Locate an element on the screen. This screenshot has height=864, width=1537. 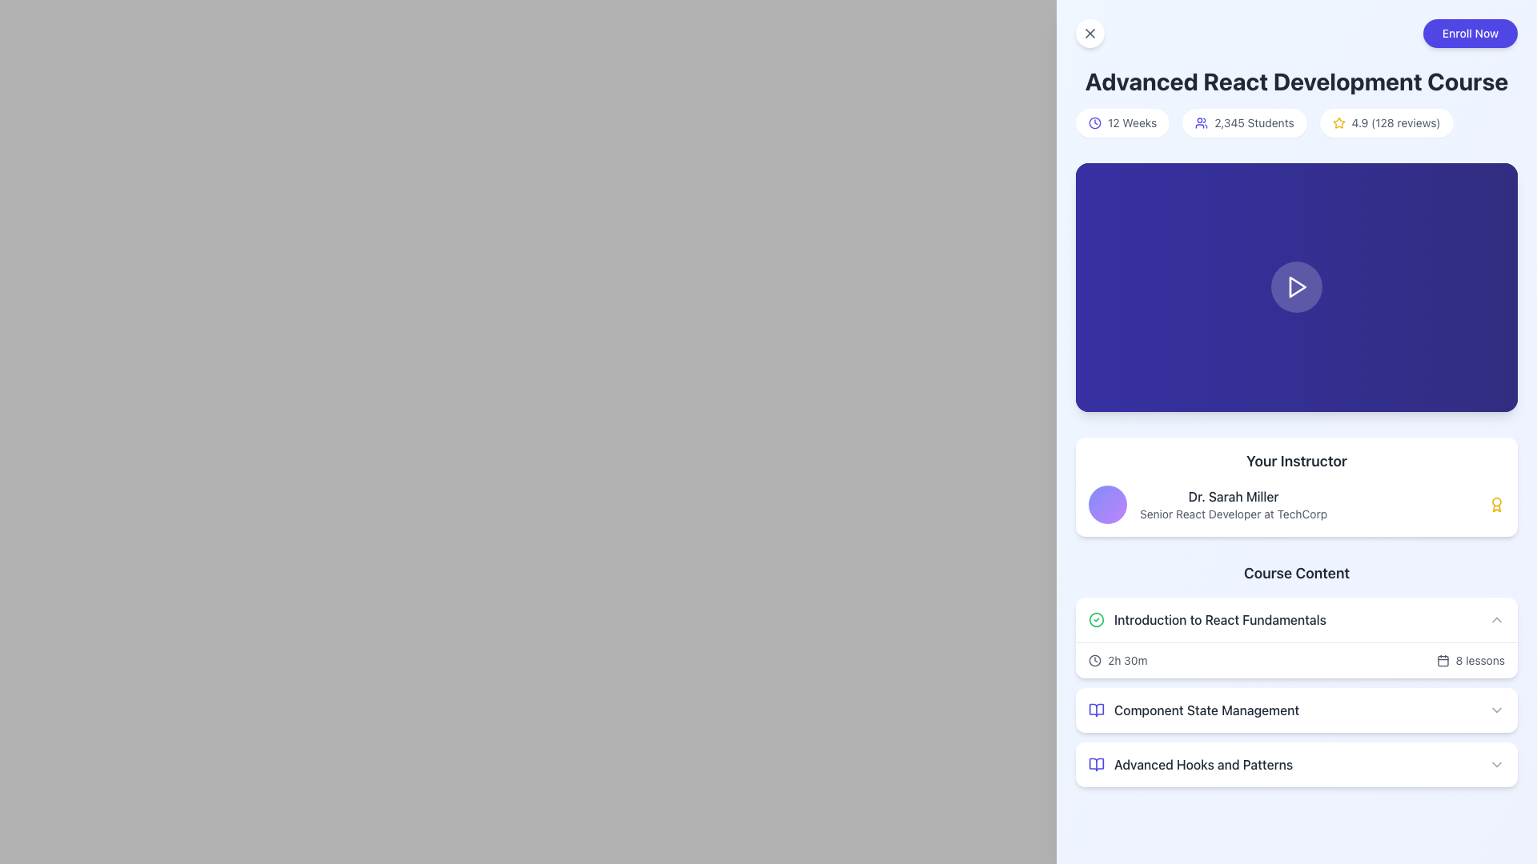
the Text header of the 'Your Instructor' section, which is located above the instructor's name 'Dr. Sarah Miller' is located at coordinates (1297, 461).